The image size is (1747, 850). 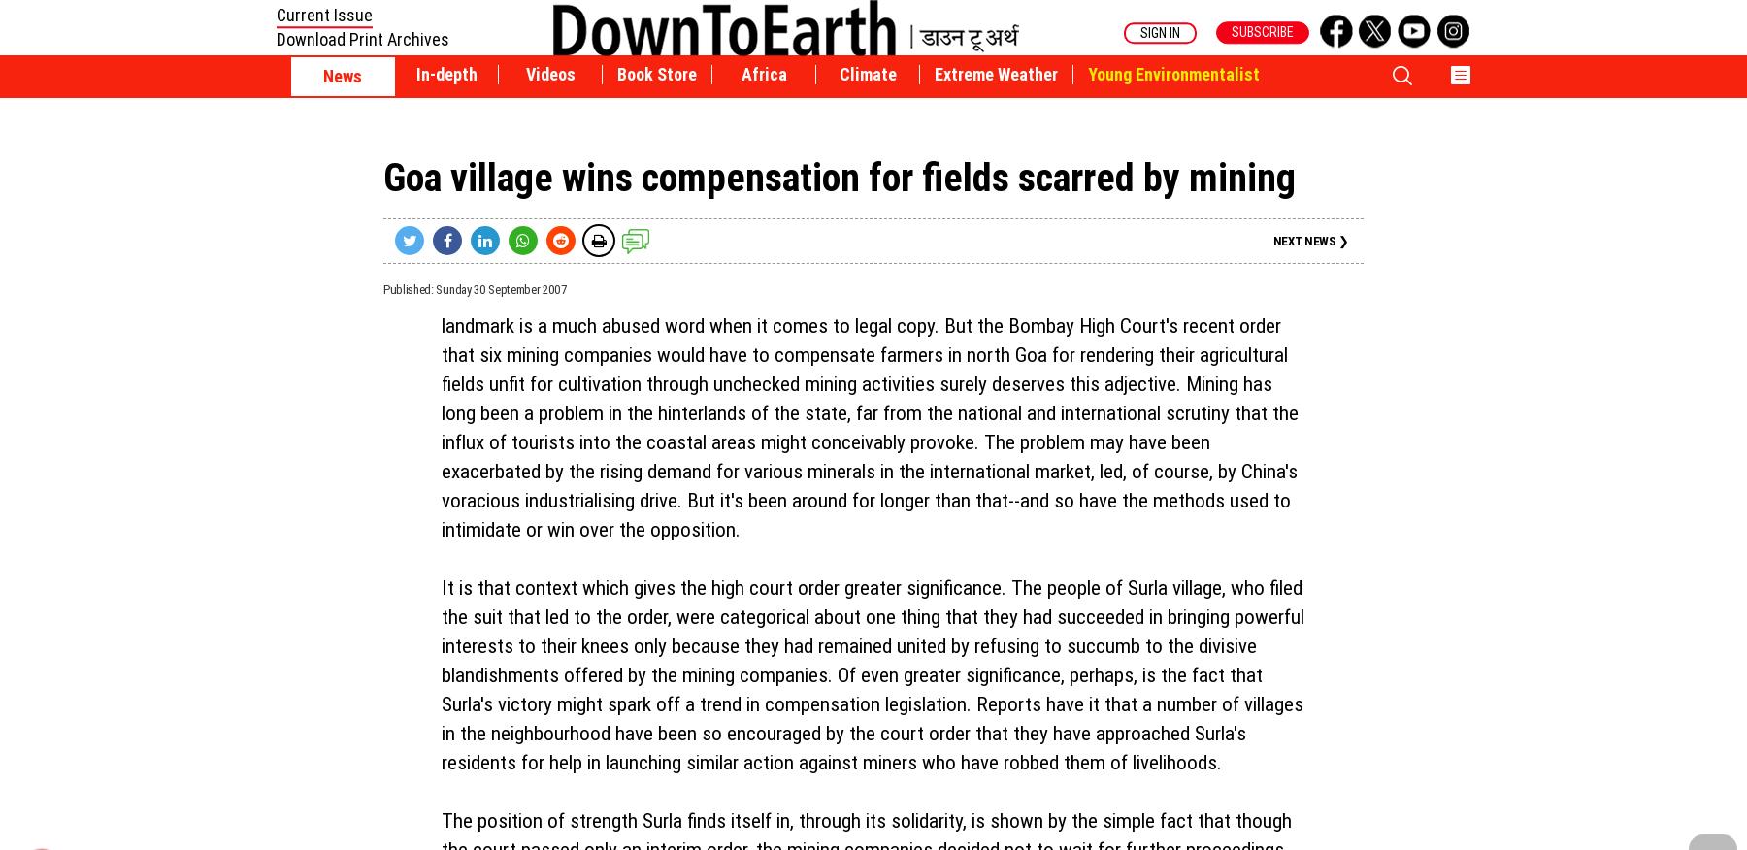 I want to click on 'In-depth', so click(x=445, y=74).